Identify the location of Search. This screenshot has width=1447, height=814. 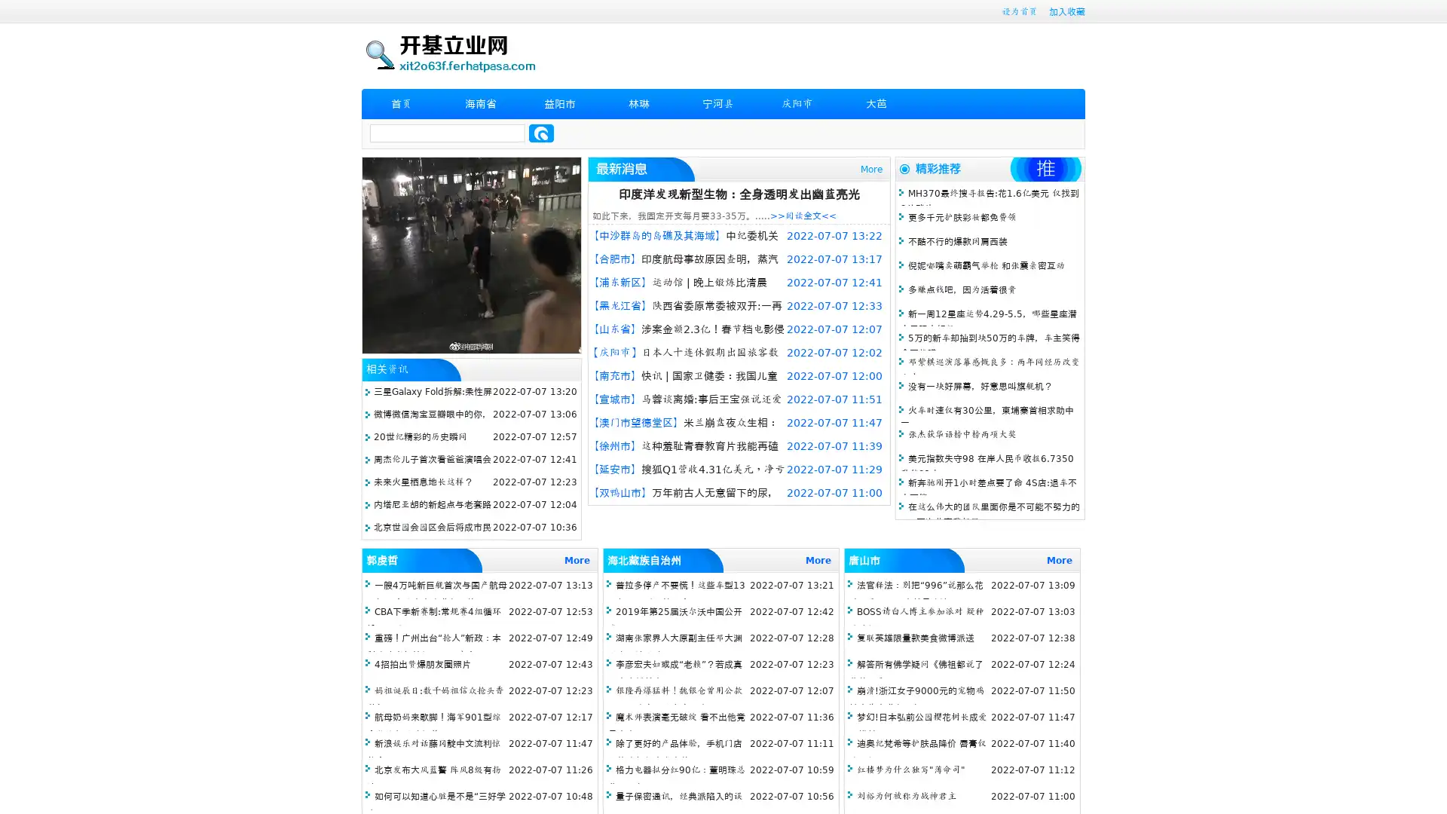
(541, 133).